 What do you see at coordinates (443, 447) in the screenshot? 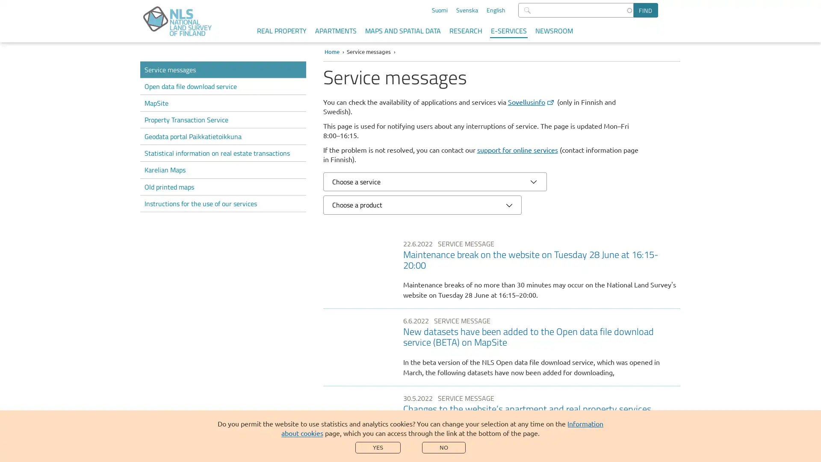
I see `NO` at bounding box center [443, 447].